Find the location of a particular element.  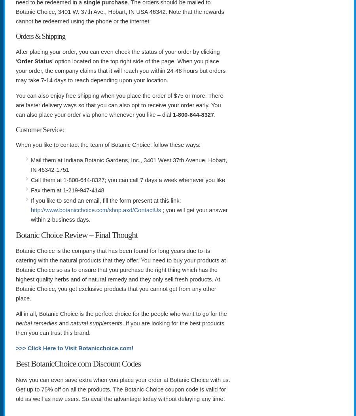

'herbal remedies' is located at coordinates (36, 323).